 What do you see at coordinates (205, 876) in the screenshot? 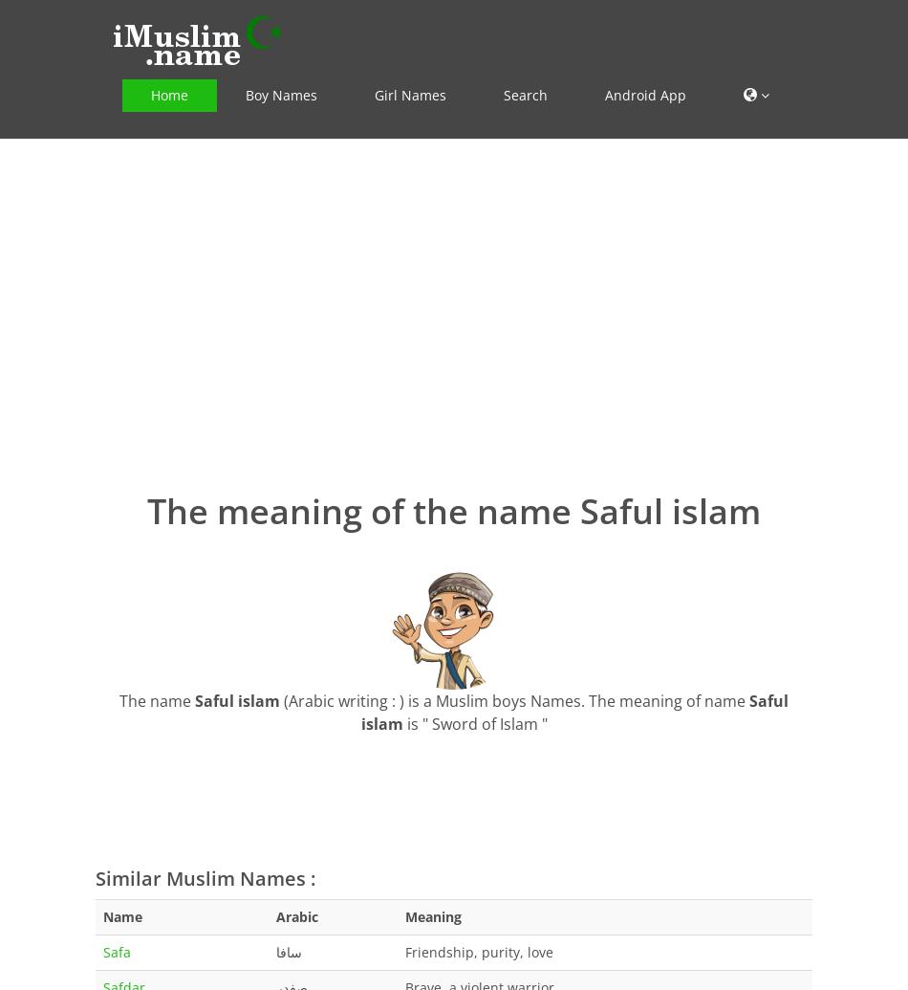
I see `'Similar Muslim Names :'` at bounding box center [205, 876].